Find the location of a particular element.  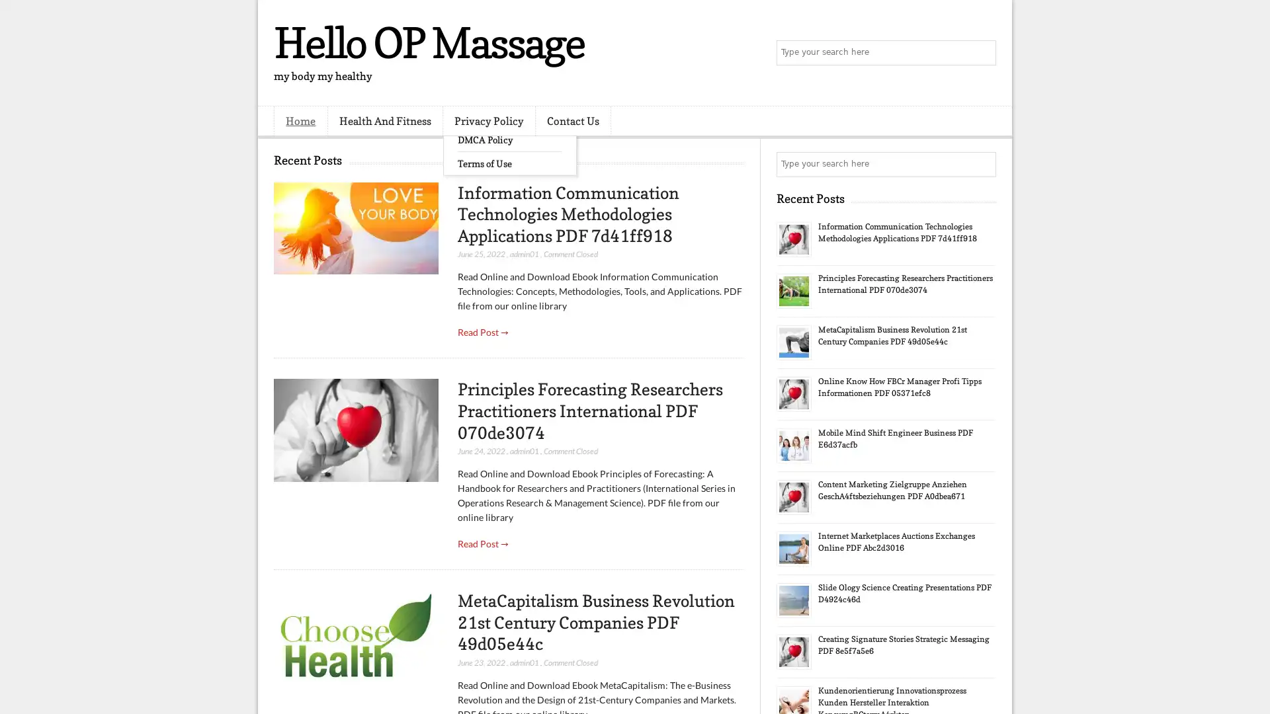

Search is located at coordinates (982, 164).